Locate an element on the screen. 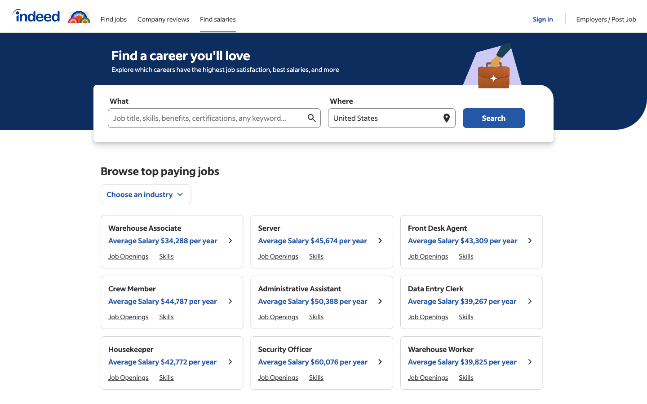  Retrieve extended data on "Warehouse Worker is located at coordinates (462, 356).